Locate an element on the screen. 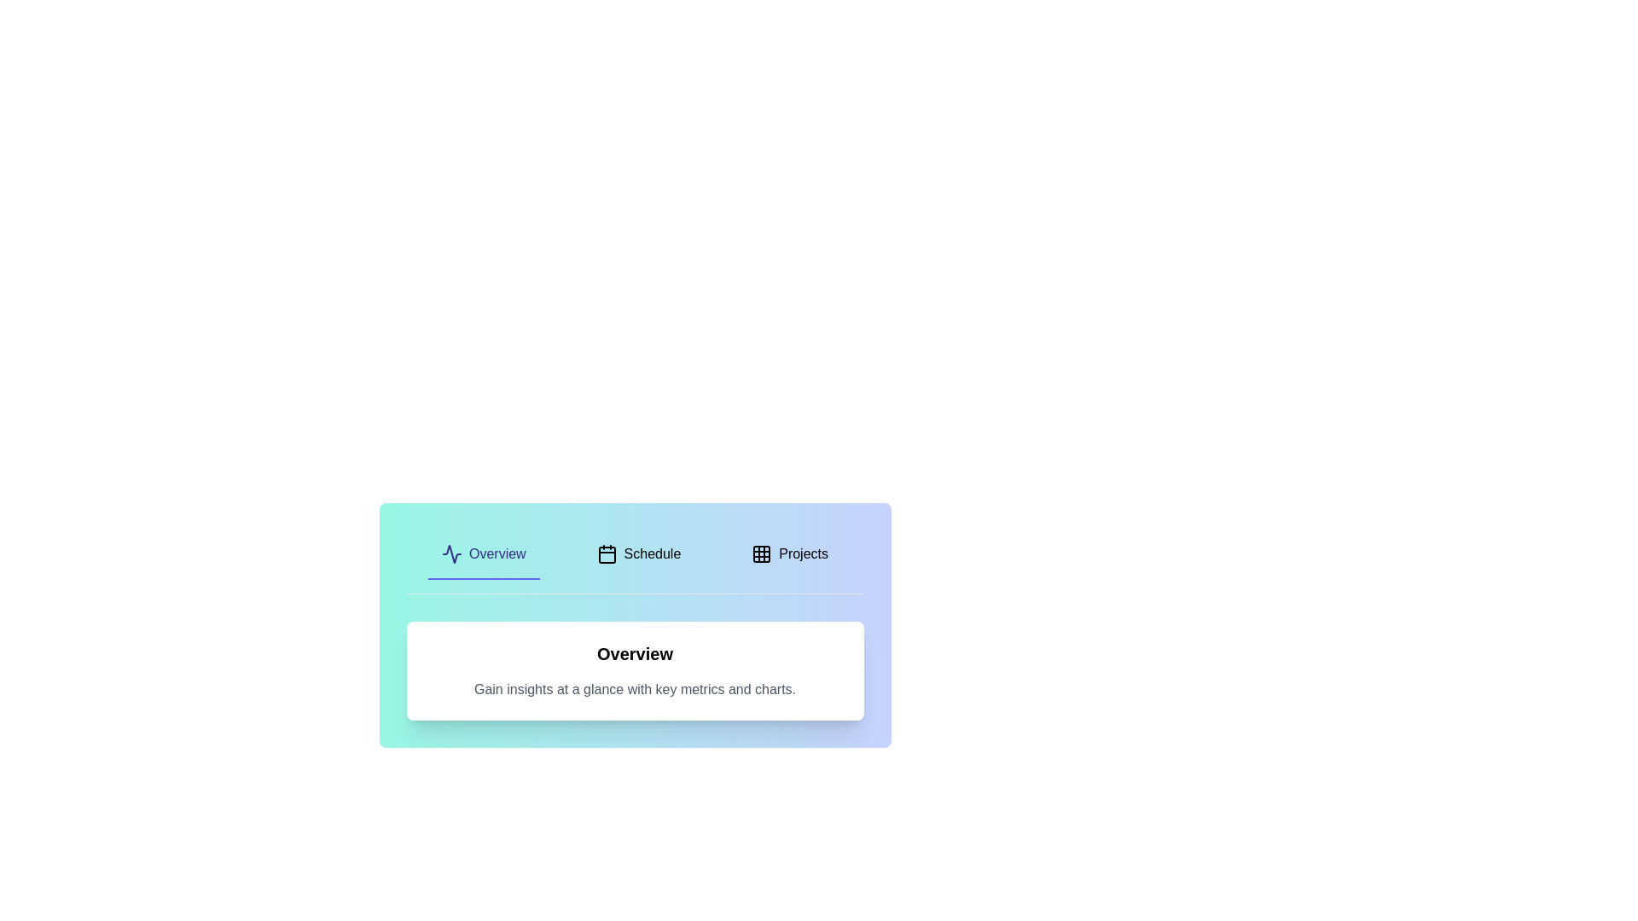 The width and height of the screenshot is (1638, 921). the icon of the tab labeled Projects is located at coordinates (761, 554).